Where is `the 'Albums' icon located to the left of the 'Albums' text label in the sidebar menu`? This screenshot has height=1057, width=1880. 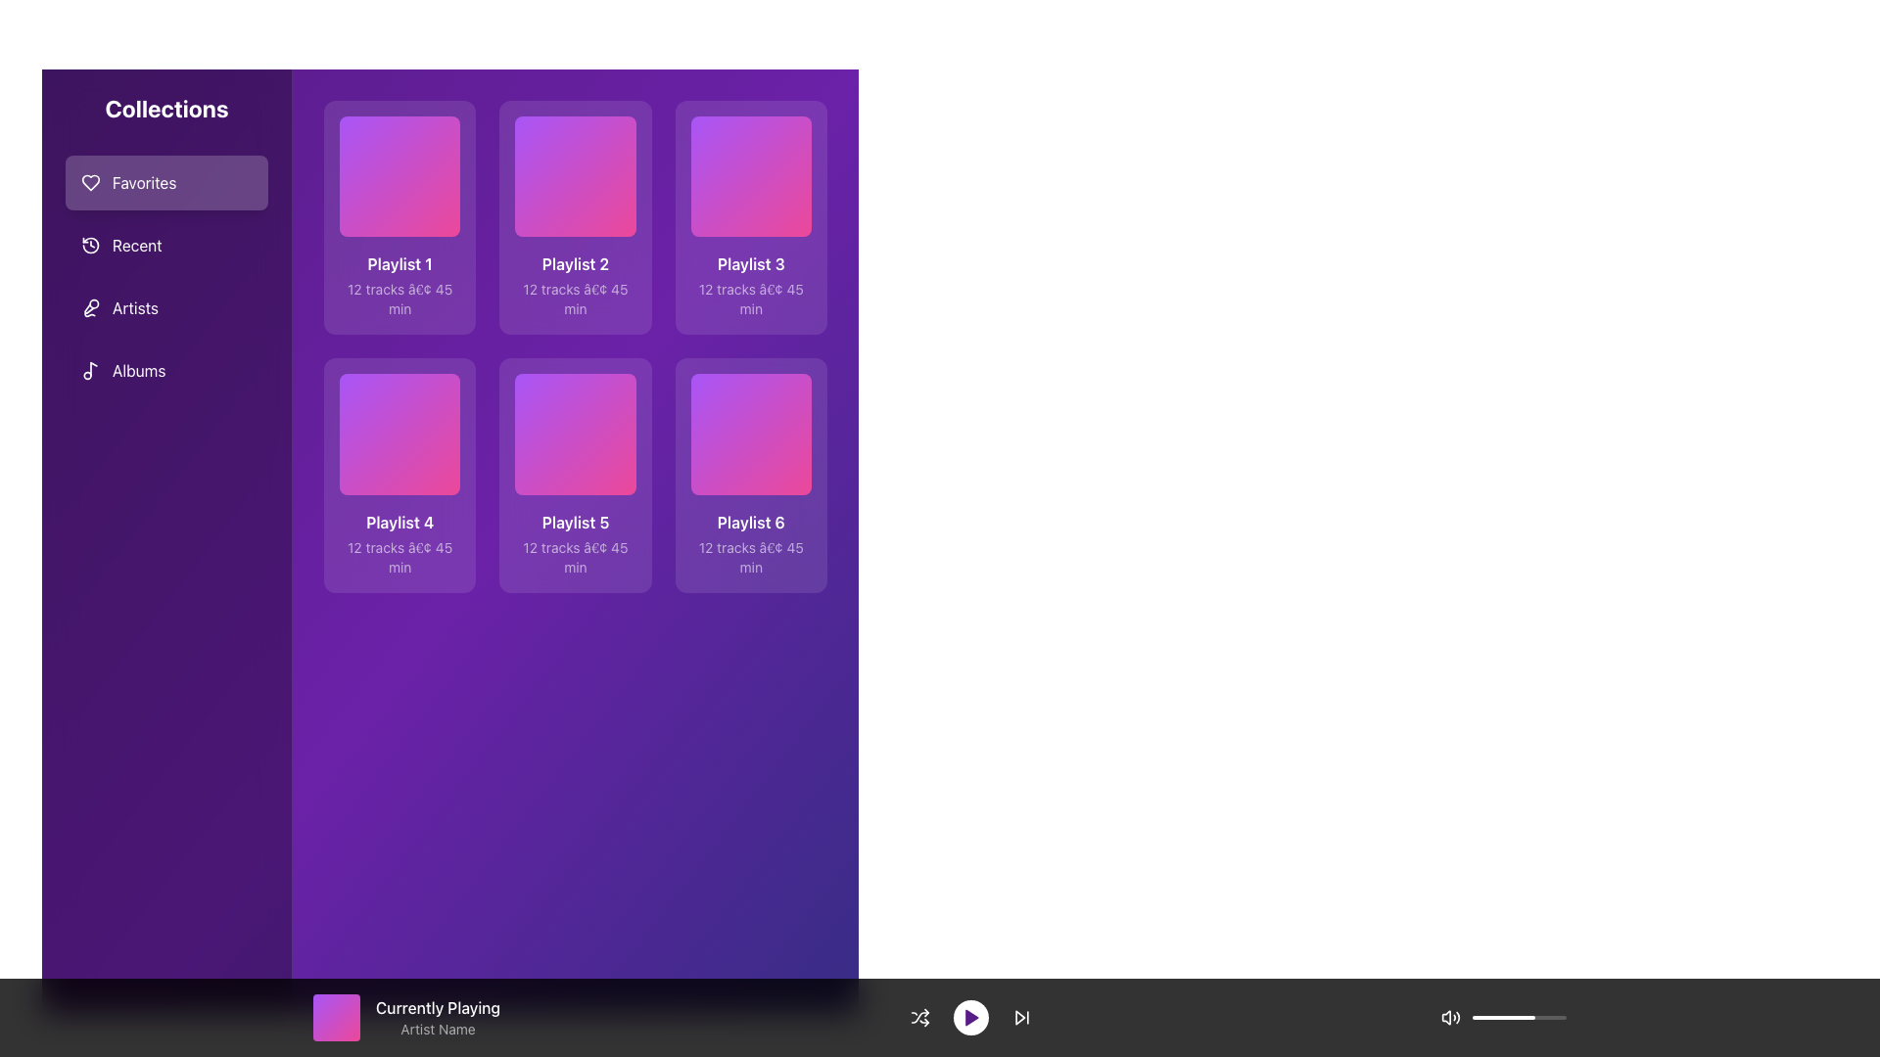
the 'Albums' icon located to the left of the 'Albums' text label in the sidebar menu is located at coordinates (89, 370).